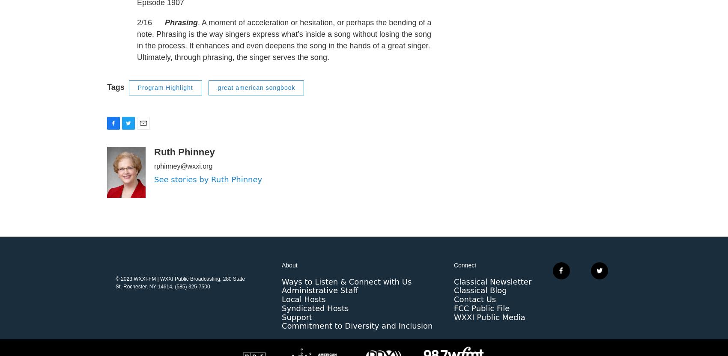  I want to click on 'great american songbook', so click(256, 105).